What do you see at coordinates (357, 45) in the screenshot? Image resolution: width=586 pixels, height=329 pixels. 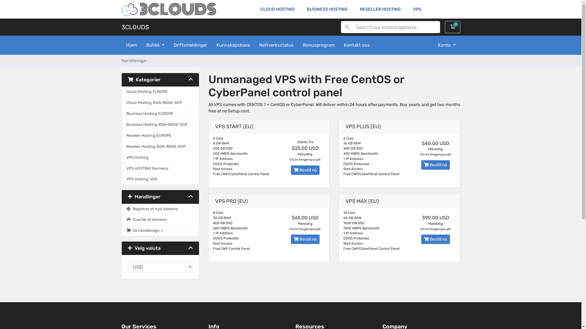 I see `'Kontakt oss'` at bounding box center [357, 45].